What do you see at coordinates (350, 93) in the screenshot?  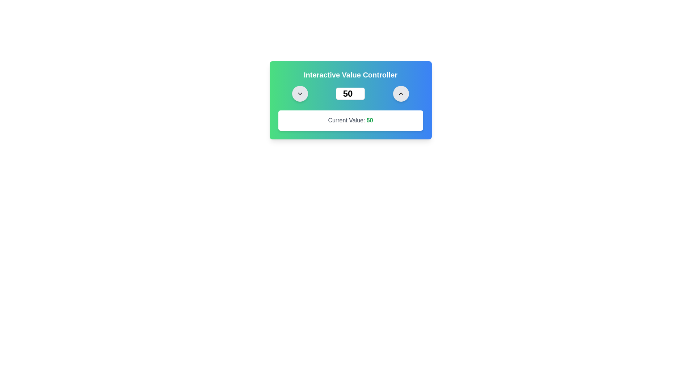 I see `the number input field displaying the value '50' to focus on it` at bounding box center [350, 93].